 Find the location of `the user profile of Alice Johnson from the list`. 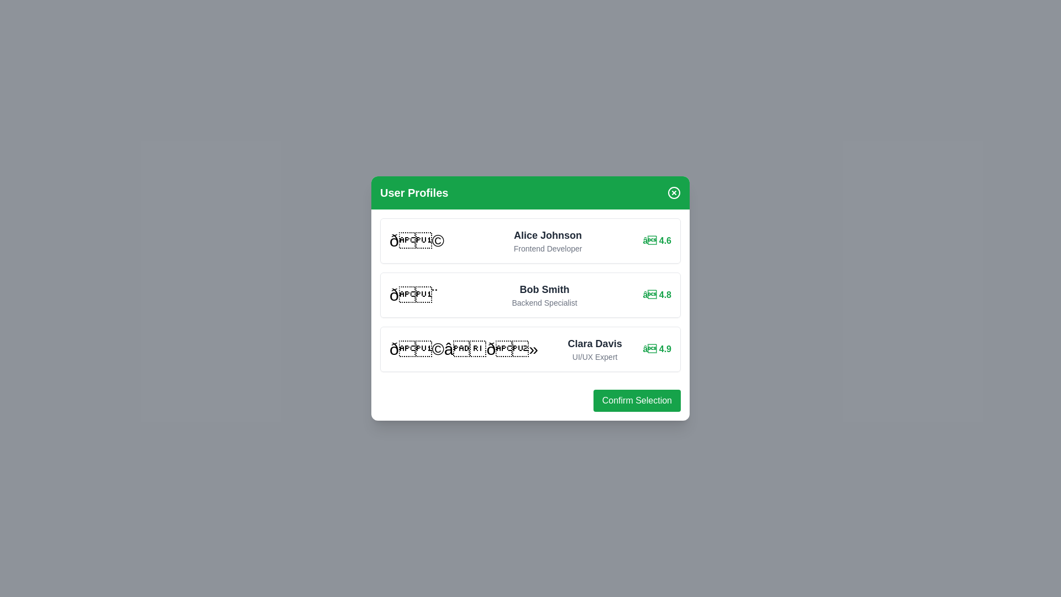

the user profile of Alice Johnson from the list is located at coordinates (530, 240).